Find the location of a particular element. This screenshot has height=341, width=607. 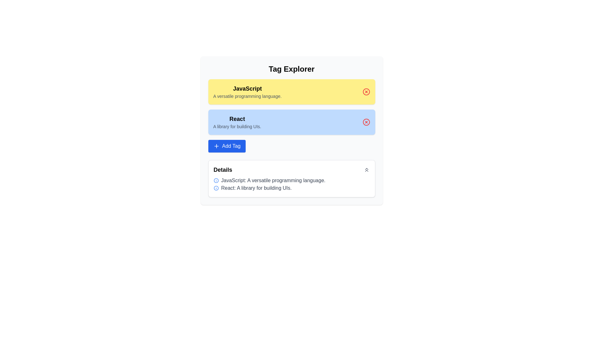

the interactive button for collapsing the 'Details' section located at the far-right side of the 'Details' section within the 'Tag Explorer' interface is located at coordinates (366, 169).